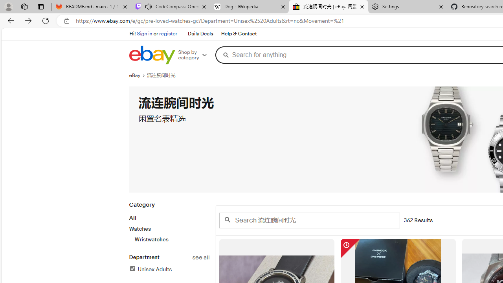 This screenshot has height=283, width=503. I want to click on 'Help & Contact', so click(238, 33).